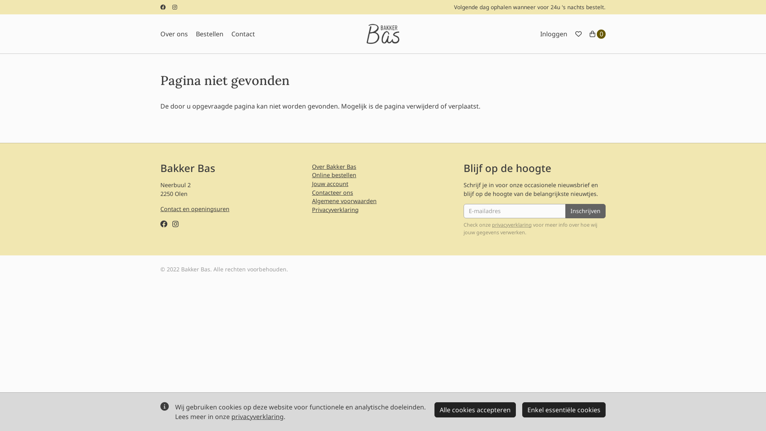  What do you see at coordinates (195, 208) in the screenshot?
I see `'Contact en openingsuren'` at bounding box center [195, 208].